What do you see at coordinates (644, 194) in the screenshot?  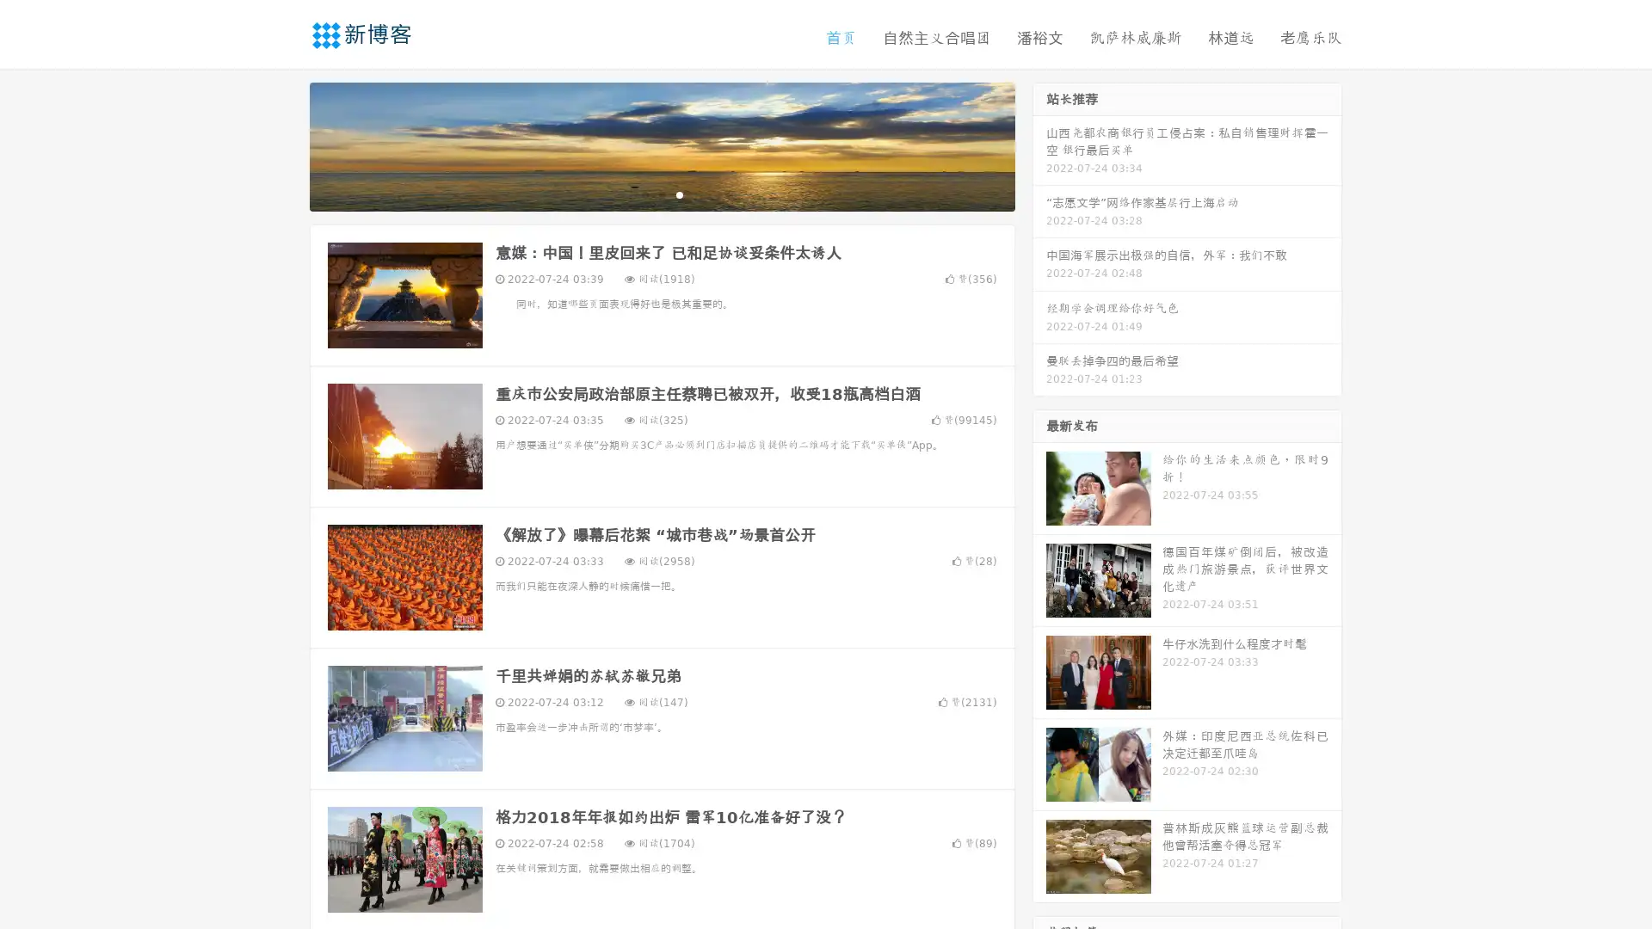 I see `Go to slide 1` at bounding box center [644, 194].